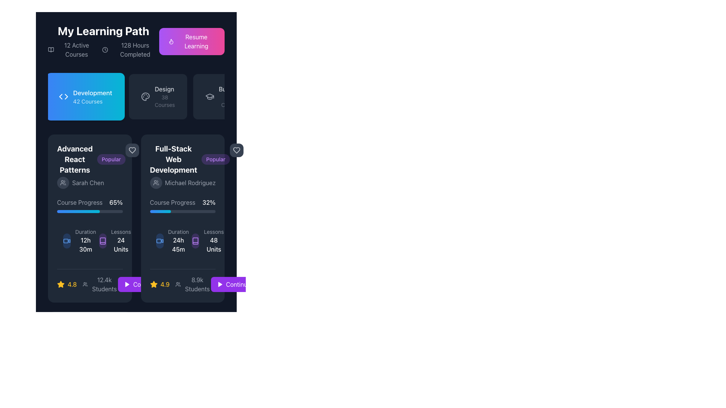 The height and width of the screenshot is (408, 726). Describe the element at coordinates (61, 284) in the screenshot. I see `the star-shaped yellow icon associated with the rating system, located within the 'Advanced React Patterns' card to the left of the text '4.8'` at that location.